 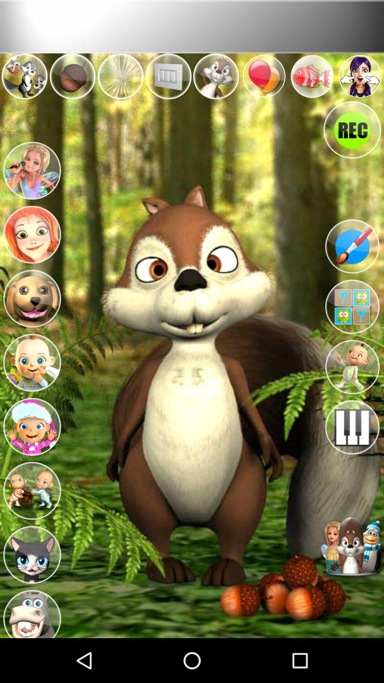 What do you see at coordinates (31, 297) in the screenshot?
I see `animal` at bounding box center [31, 297].